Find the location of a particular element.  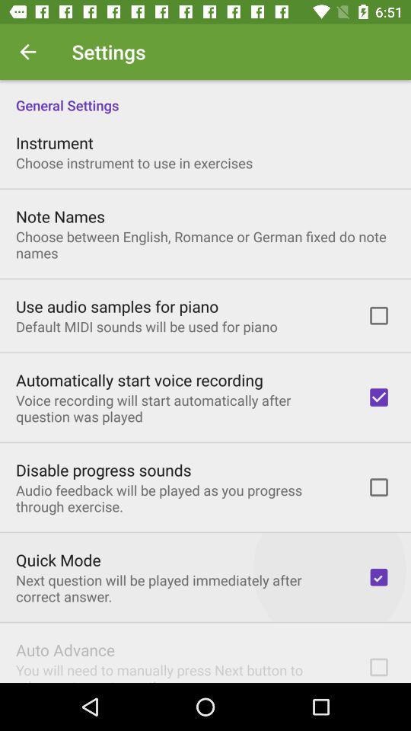

the general settings is located at coordinates (205, 96).